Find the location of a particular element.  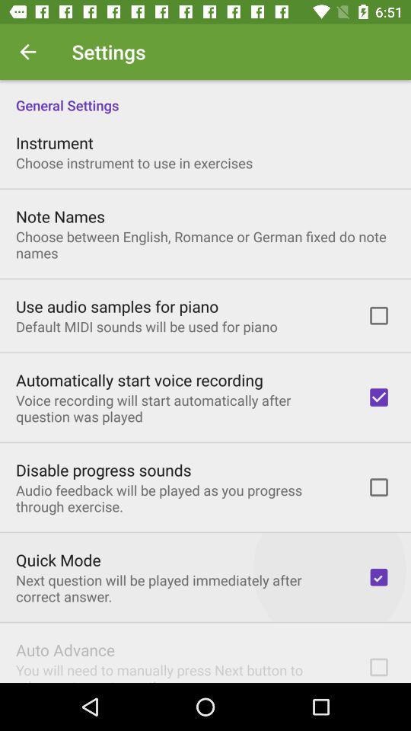

the general settings is located at coordinates (205, 96).